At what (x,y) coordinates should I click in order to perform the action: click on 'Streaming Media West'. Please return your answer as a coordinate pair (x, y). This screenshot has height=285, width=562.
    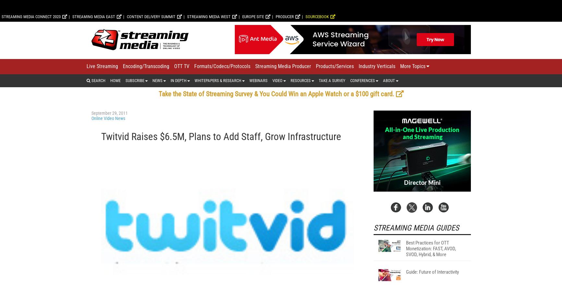
    Looking at the image, I should click on (209, 101).